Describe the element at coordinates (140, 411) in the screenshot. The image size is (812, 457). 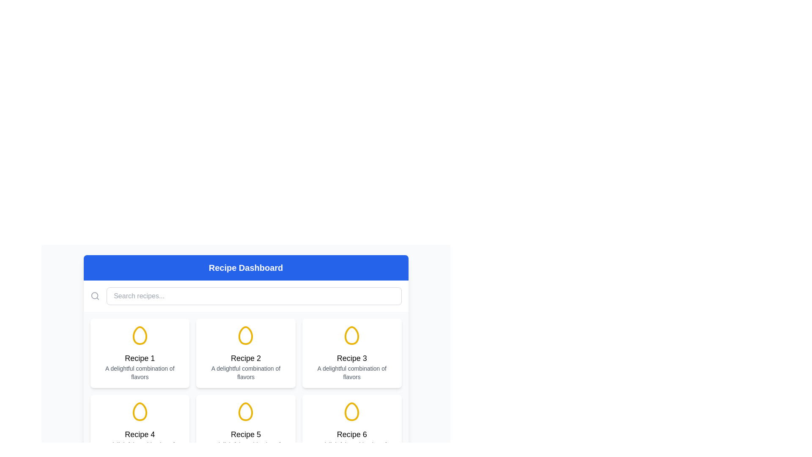
I see `the egg-shaped icon with a yellow stroke located at the top-center of the card labeled 'Recipe 4'` at that location.